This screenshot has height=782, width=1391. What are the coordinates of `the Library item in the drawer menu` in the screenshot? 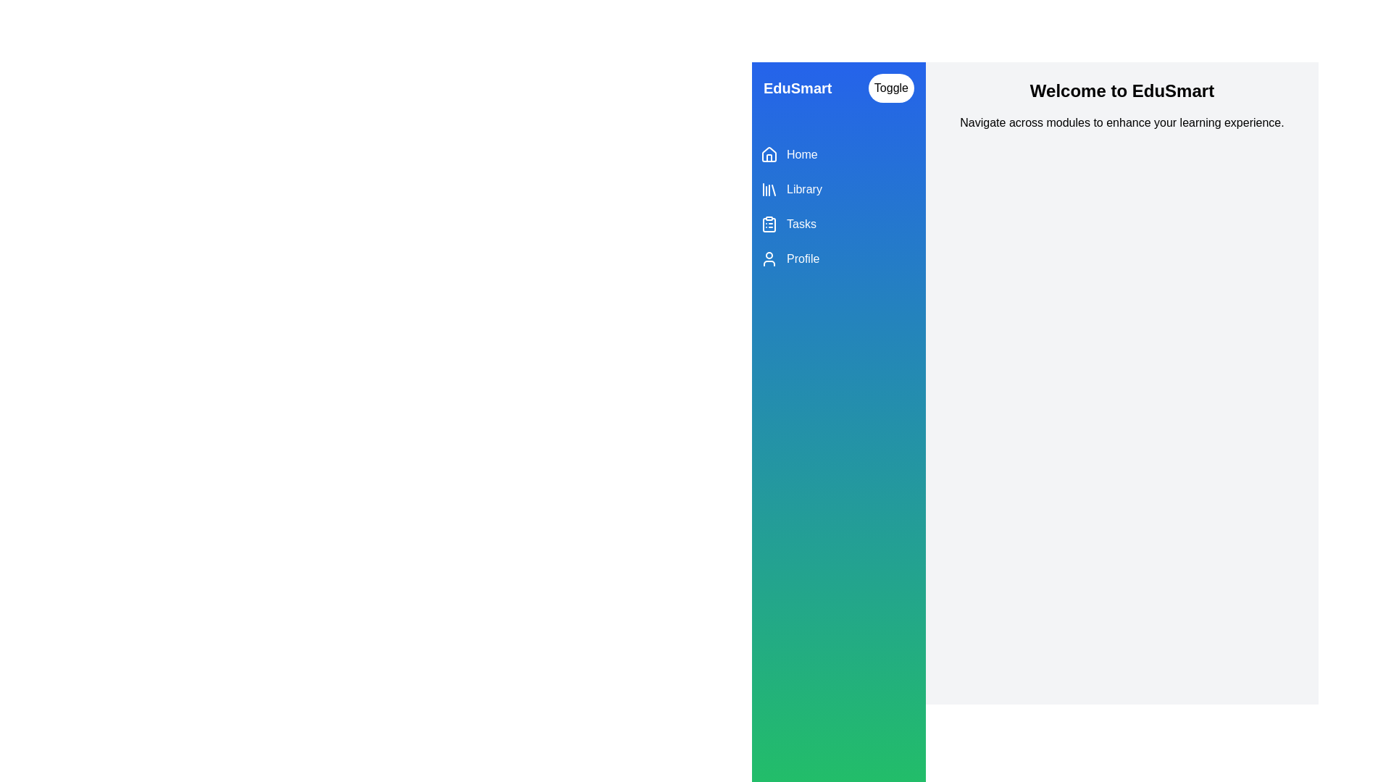 It's located at (838, 189).